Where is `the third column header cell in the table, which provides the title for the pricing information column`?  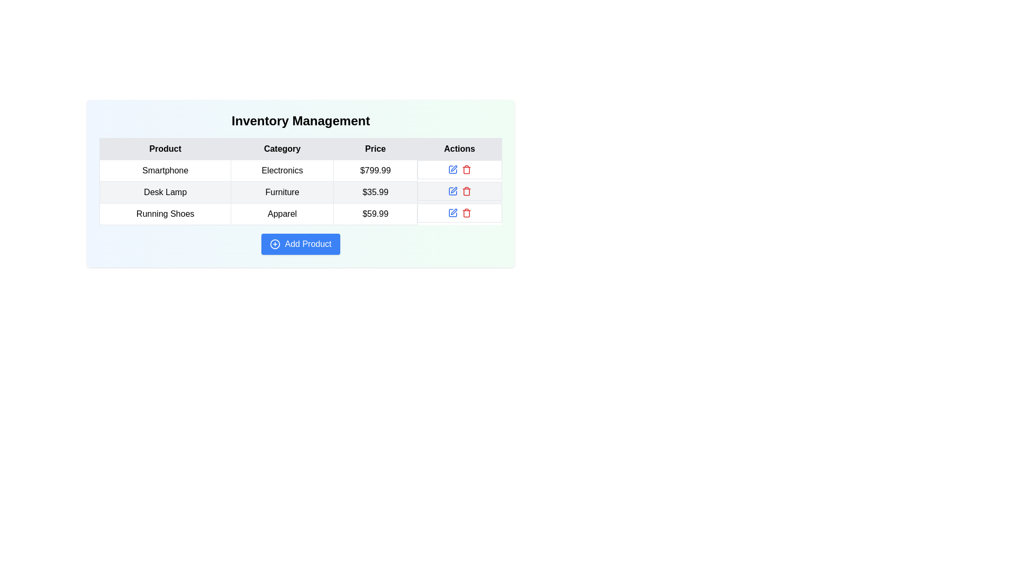 the third column header cell in the table, which provides the title for the pricing information column is located at coordinates (375, 149).